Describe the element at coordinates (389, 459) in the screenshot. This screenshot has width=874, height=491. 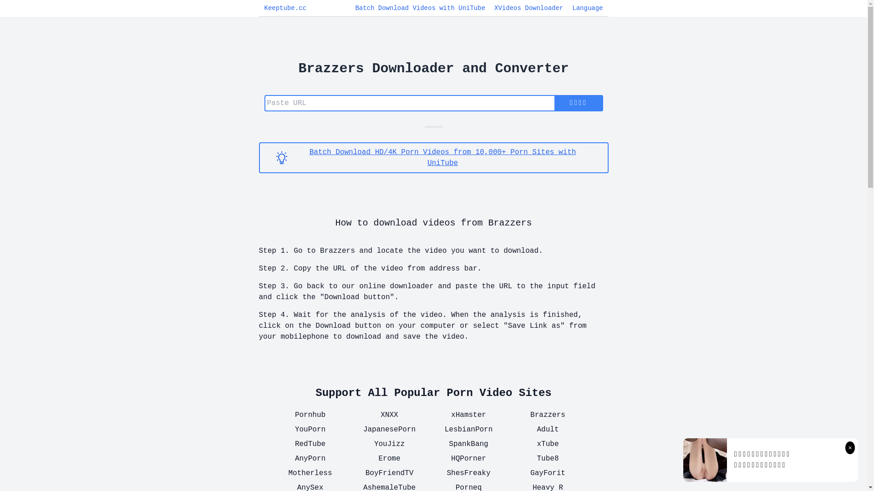
I see `'Erome'` at that location.